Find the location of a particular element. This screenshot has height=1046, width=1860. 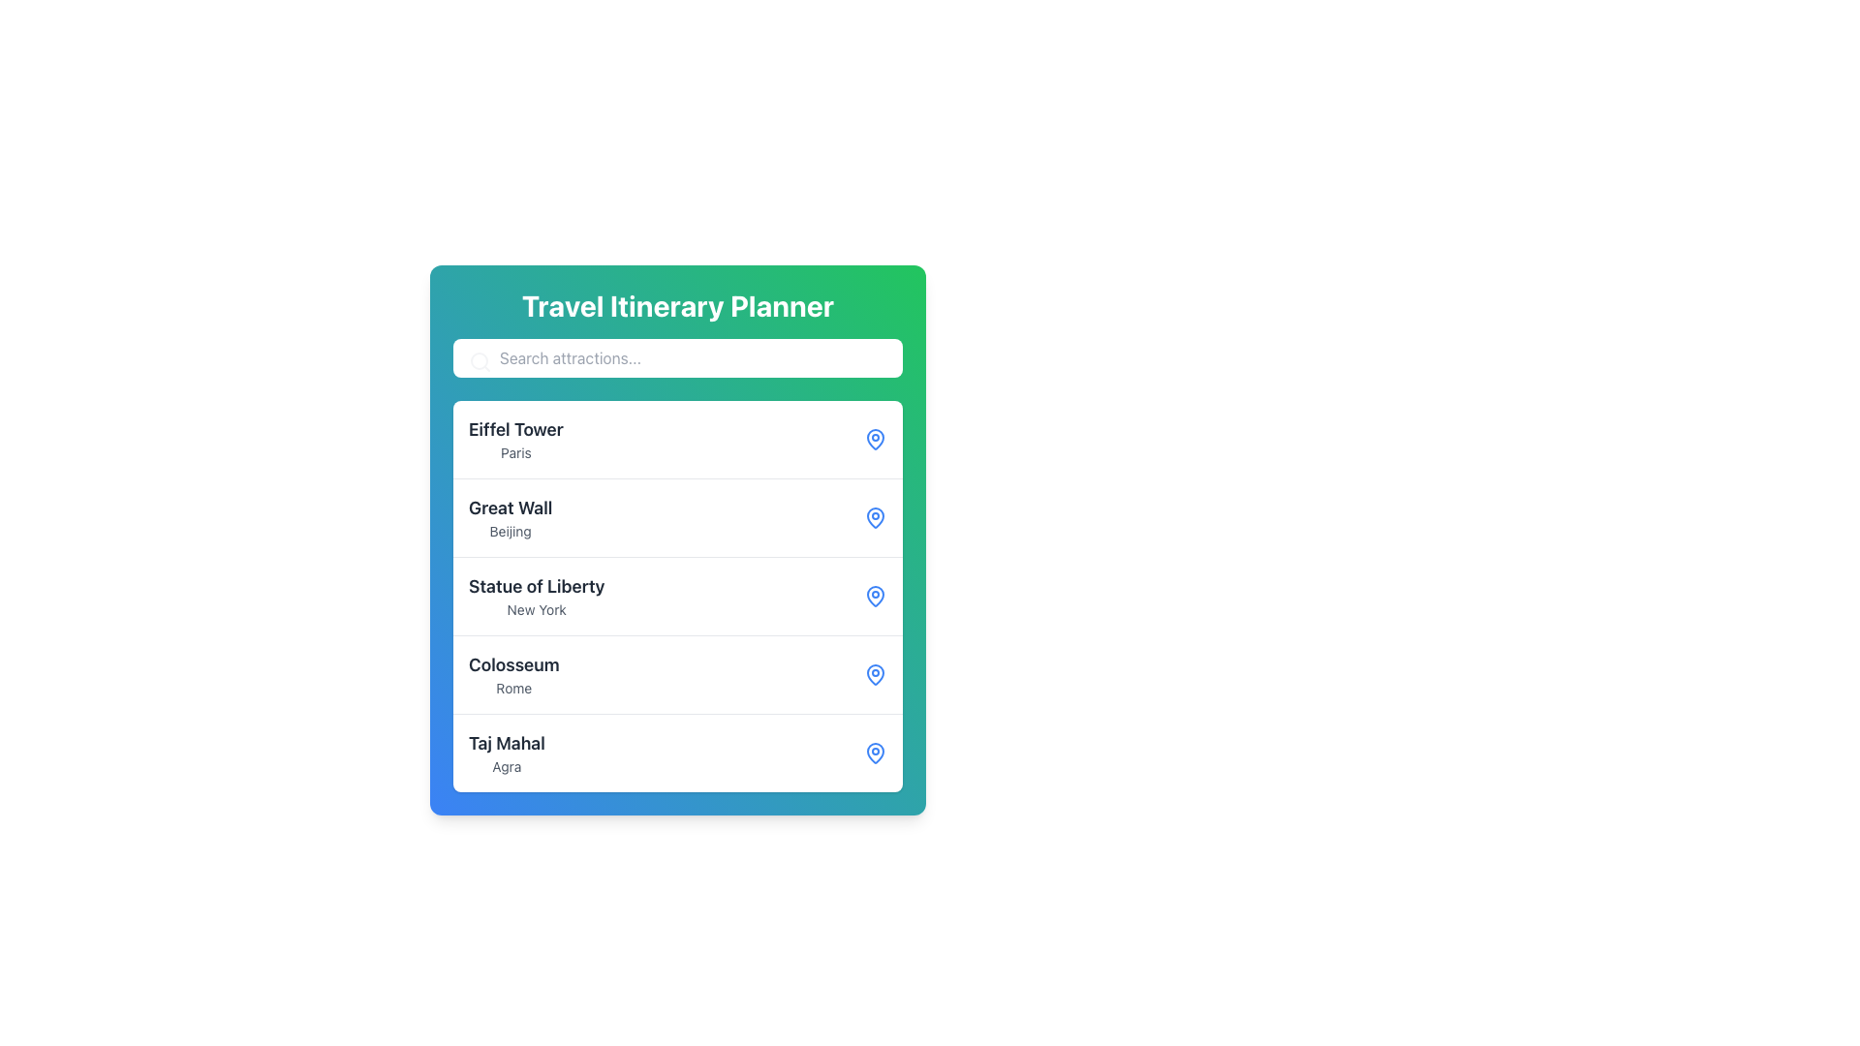

the fourth list item for the 'Colosseum' attraction in Rome is located at coordinates (678, 672).